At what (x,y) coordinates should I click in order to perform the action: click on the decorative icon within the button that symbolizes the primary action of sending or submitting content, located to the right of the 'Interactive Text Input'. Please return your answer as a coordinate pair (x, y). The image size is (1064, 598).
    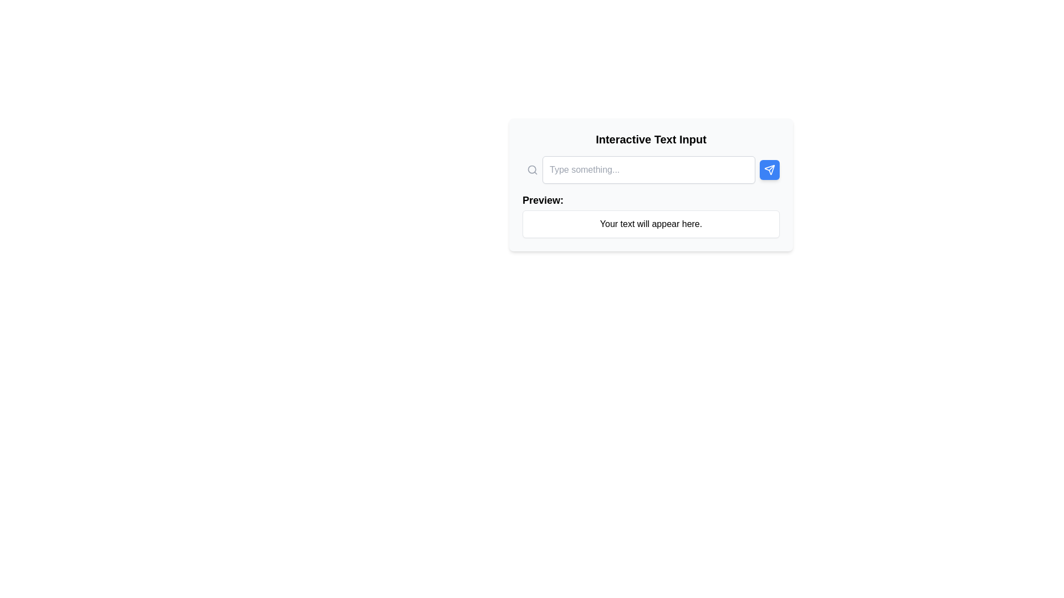
    Looking at the image, I should click on (769, 170).